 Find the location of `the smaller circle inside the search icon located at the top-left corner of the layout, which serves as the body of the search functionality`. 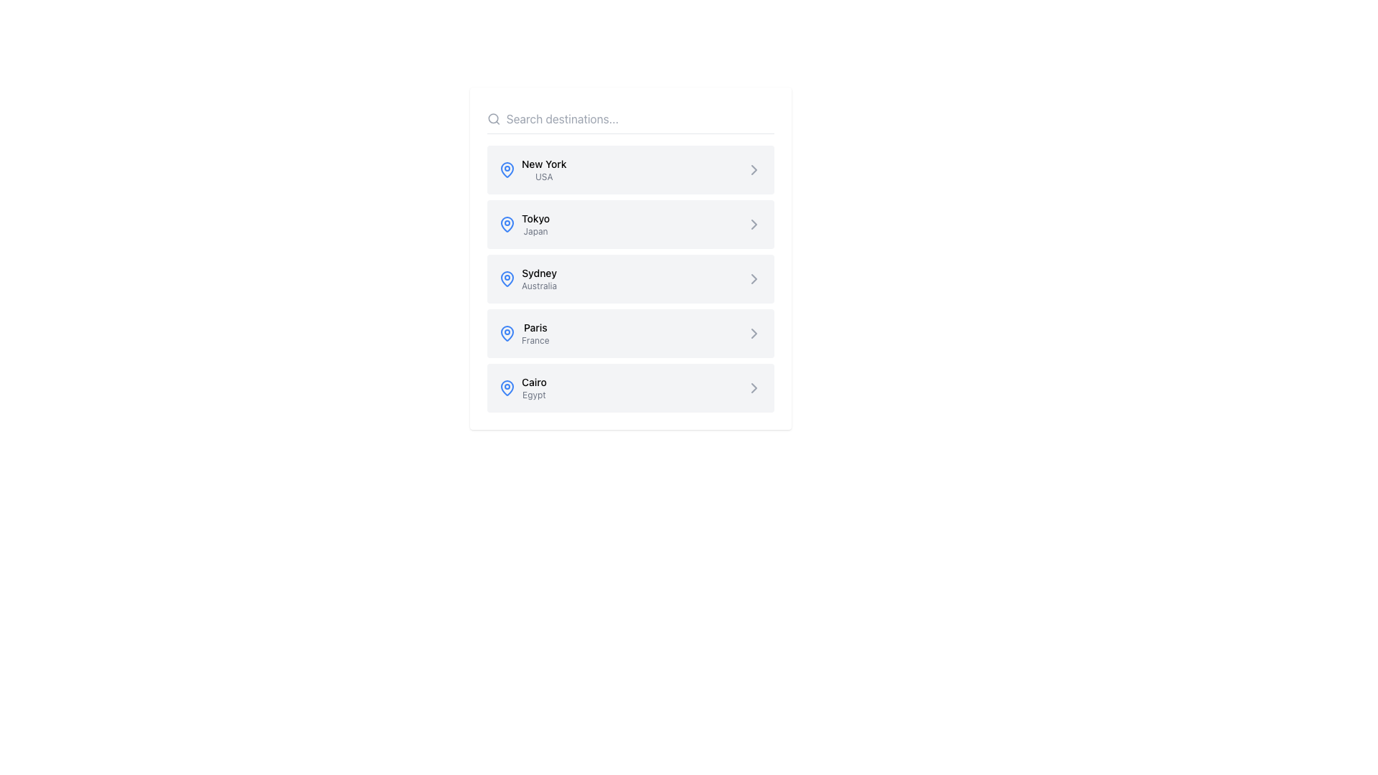

the smaller circle inside the search icon located at the top-left corner of the layout, which serves as the body of the search functionality is located at coordinates (493, 118).